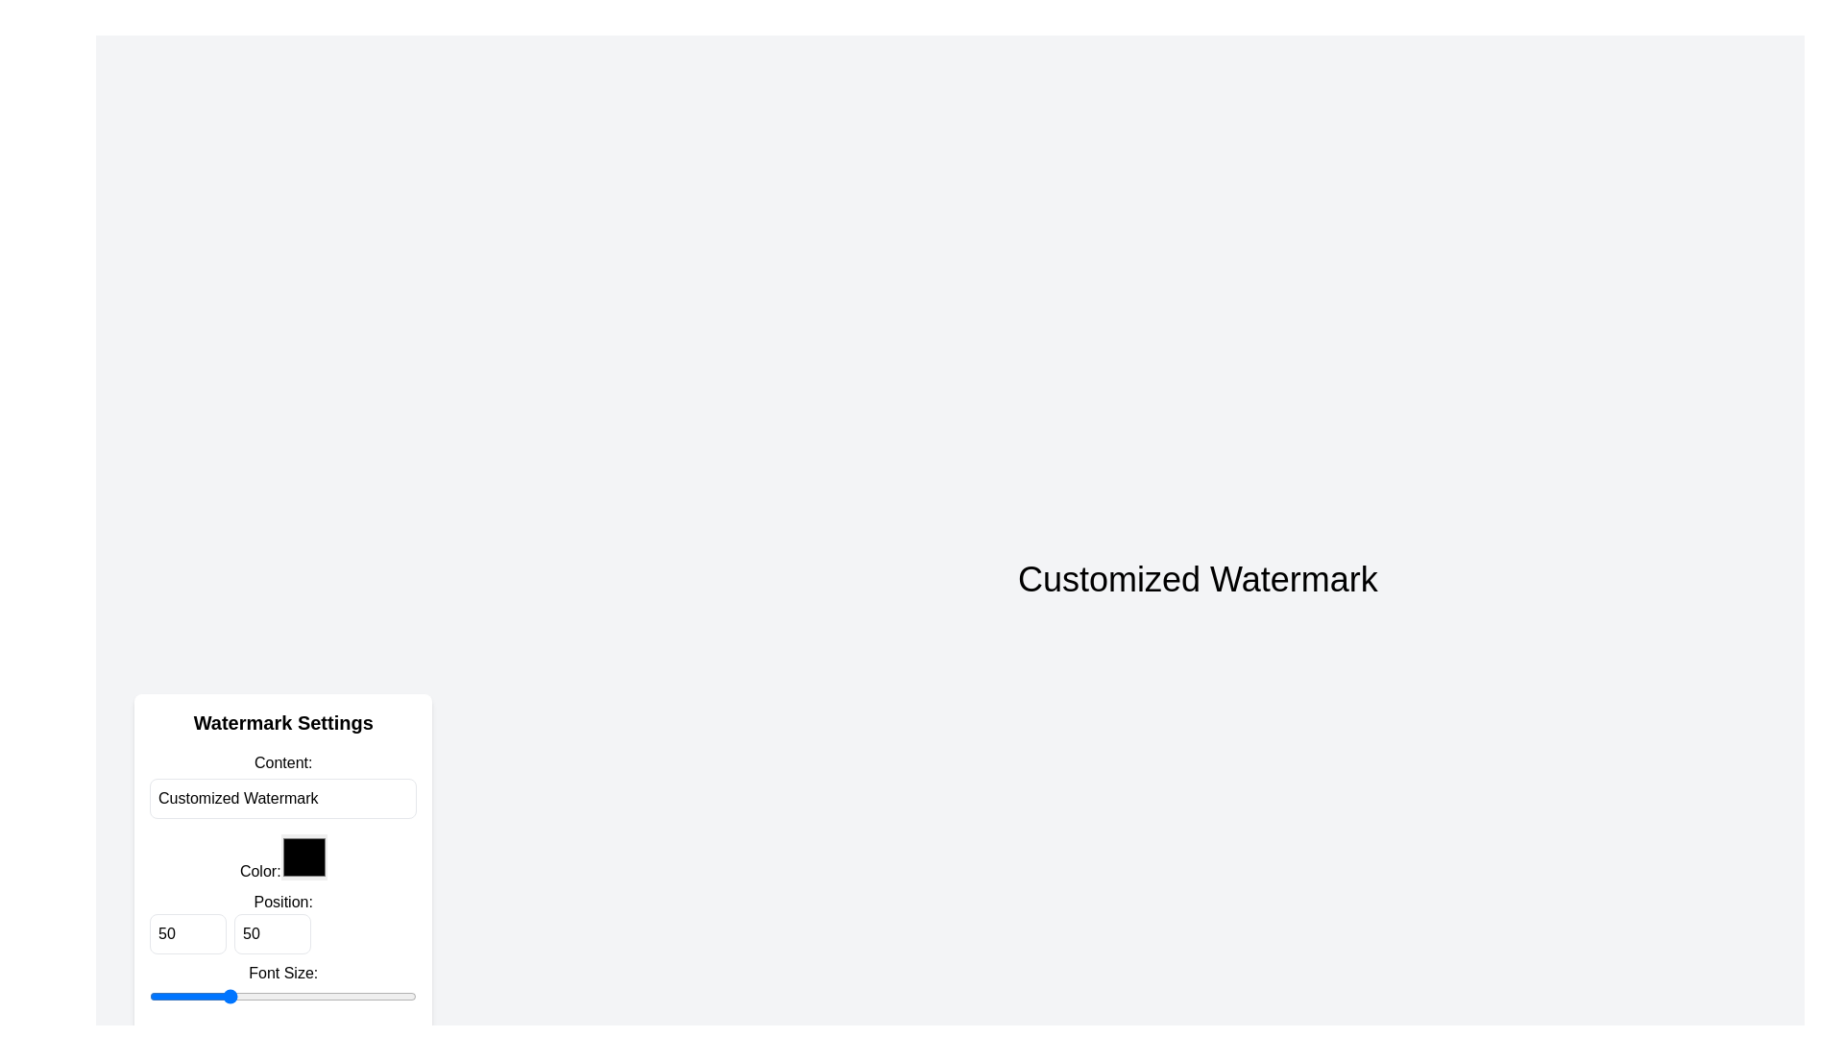 Image resolution: width=1844 pixels, height=1037 pixels. I want to click on the font size, so click(188, 995).